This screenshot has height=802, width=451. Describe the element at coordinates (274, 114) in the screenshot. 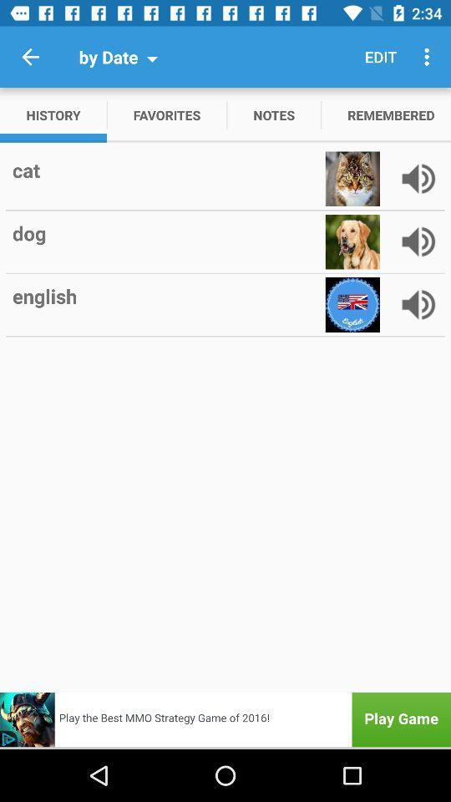

I see `the app next to remembered item` at that location.